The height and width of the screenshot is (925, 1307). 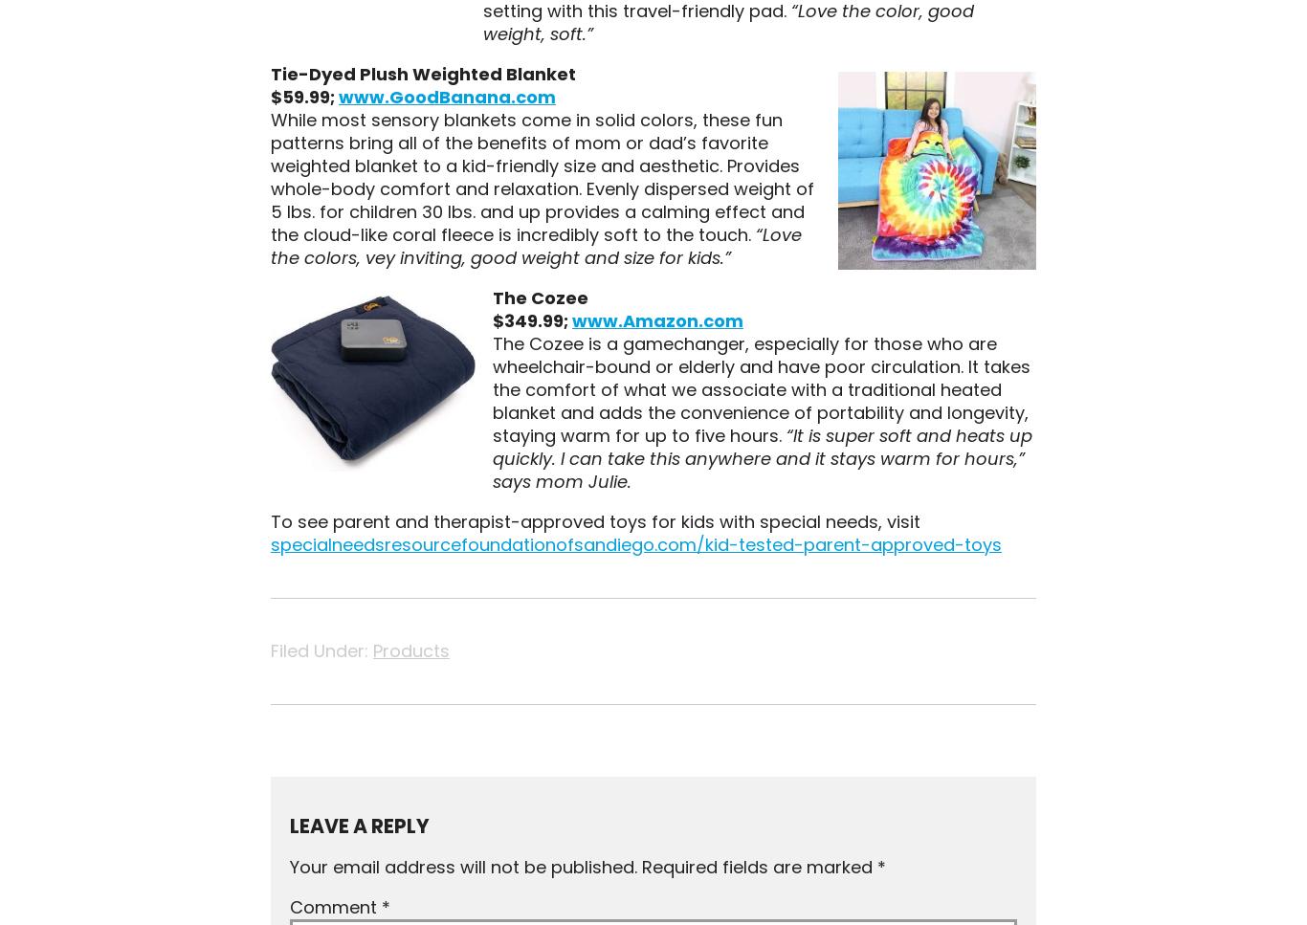 What do you see at coordinates (535, 245) in the screenshot?
I see `'“Love the colors, vey inviting, good weight and size for kids.”'` at bounding box center [535, 245].